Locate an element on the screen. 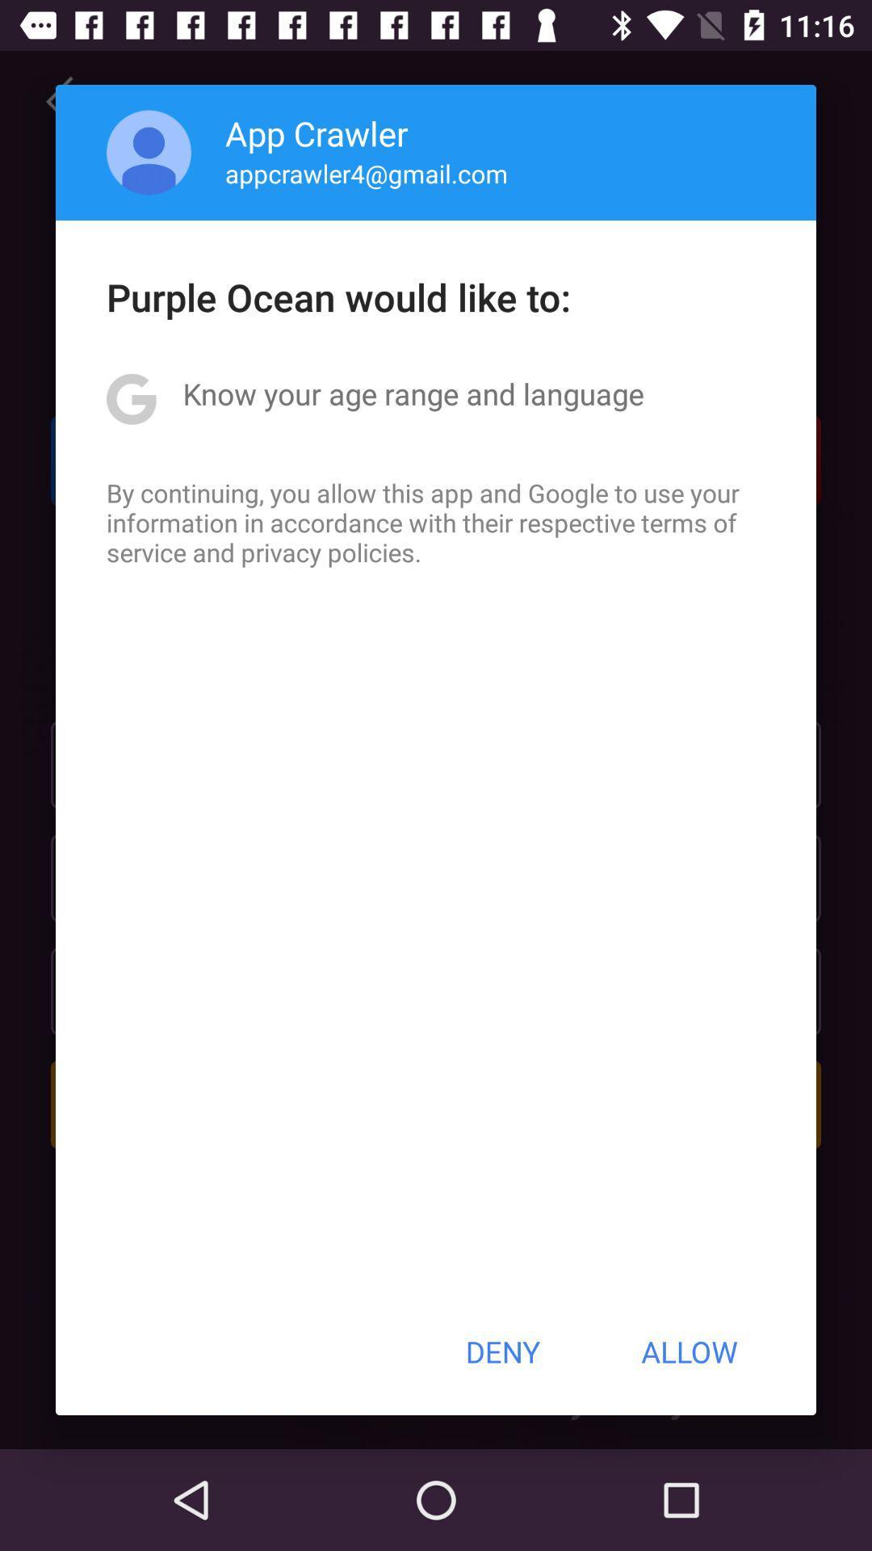 The height and width of the screenshot is (1551, 872). the app below the purple ocean would is located at coordinates (413, 393).